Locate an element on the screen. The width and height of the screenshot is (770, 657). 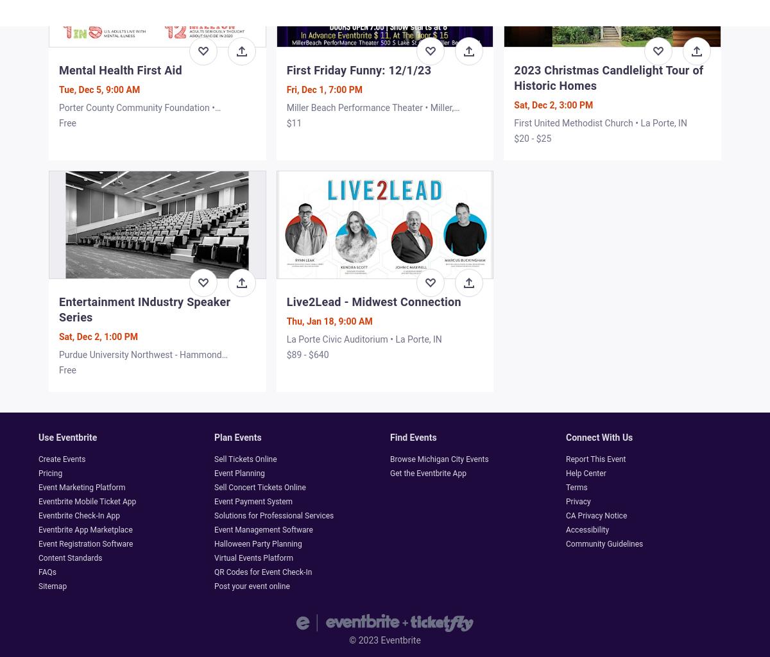
'Sell Tickets Online' is located at coordinates (214, 458).